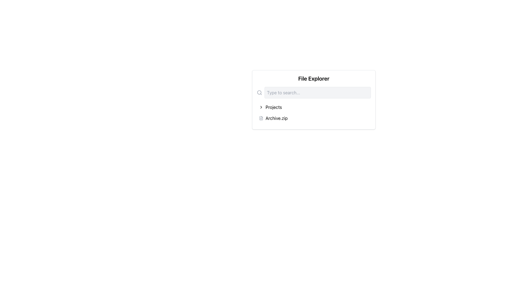 Image resolution: width=529 pixels, height=297 pixels. Describe the element at coordinates (259, 92) in the screenshot. I see `the search icon located to the left of the search text input field in the top-center of the 'File Explorer' panel` at that location.